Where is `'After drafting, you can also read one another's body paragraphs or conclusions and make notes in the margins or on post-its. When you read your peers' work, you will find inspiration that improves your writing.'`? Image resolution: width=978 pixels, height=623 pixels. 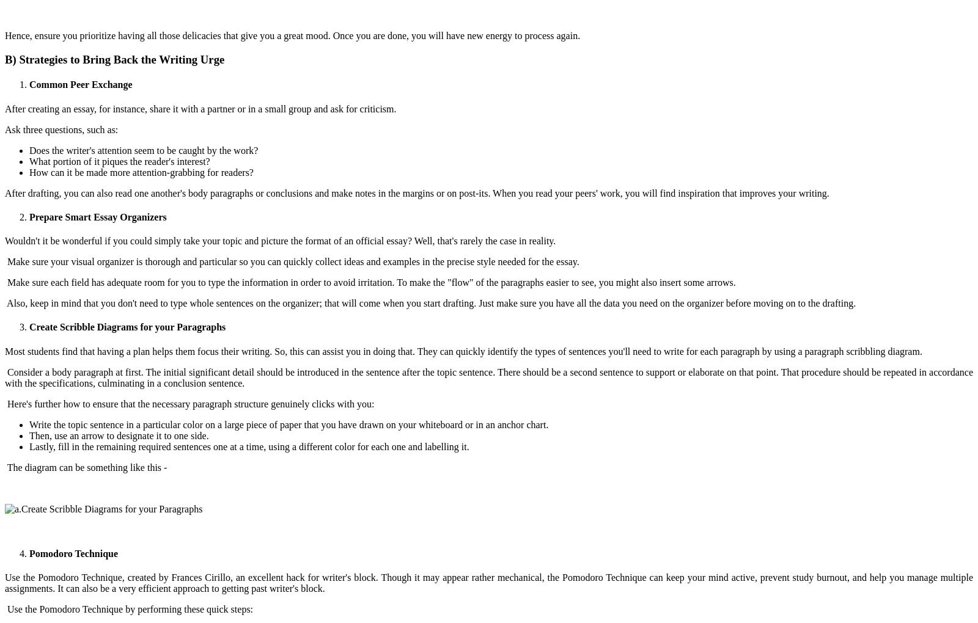
'After drafting, you can also read one another's body paragraphs or conclusions and make notes in the margins or on post-its. When you read your peers' work, you will find inspiration that improves your writing.' is located at coordinates (418, 192).